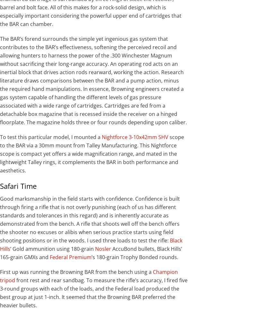 The height and width of the screenshot is (315, 273). I want to click on 'scope to the BAR via a 30mm mount from Talley Manufacturing. This Nightforce scope is compact yet offers a wide magnification range, and mated in the lightweight Talley rings, it complements the BAR in both performance and aesthetics.', so click(92, 153).